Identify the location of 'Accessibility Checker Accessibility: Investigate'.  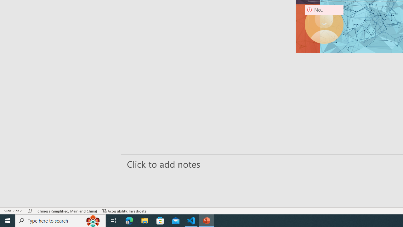
(124, 211).